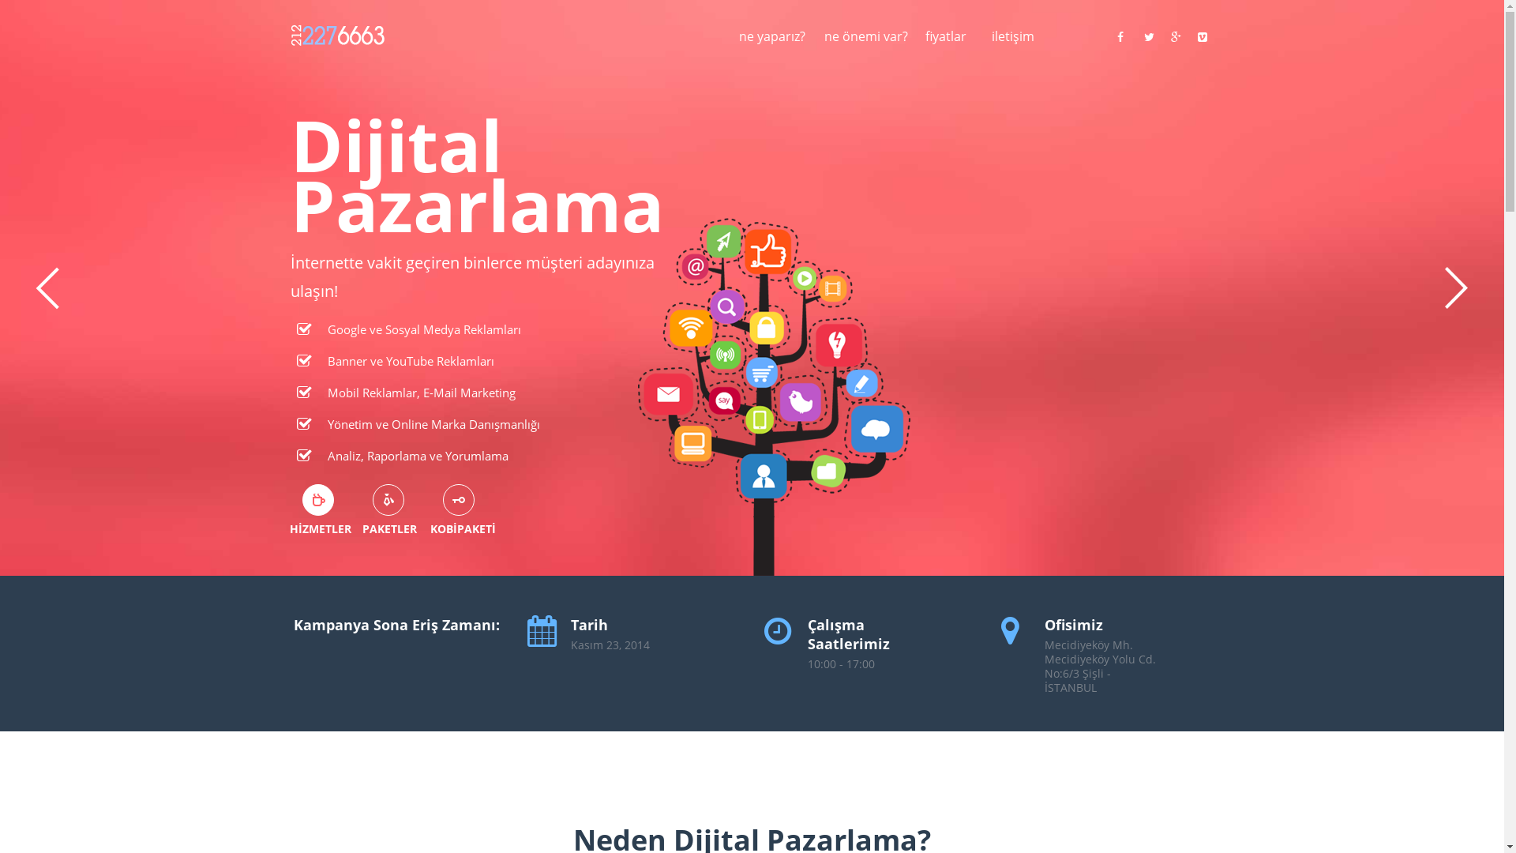 This screenshot has height=853, width=1516. I want to click on 'Next', so click(1455, 288).